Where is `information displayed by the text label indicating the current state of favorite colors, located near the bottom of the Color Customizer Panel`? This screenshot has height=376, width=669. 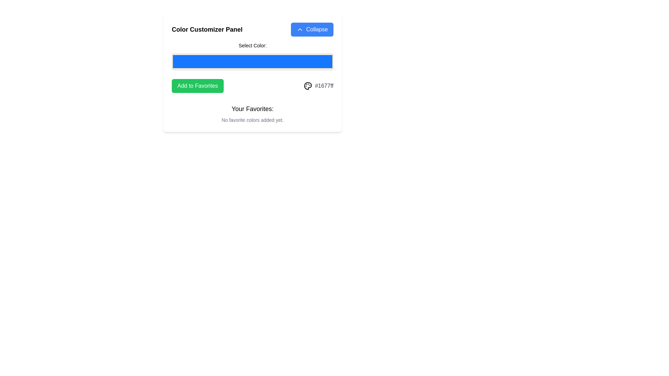 information displayed by the text label indicating the current state of favorite colors, located near the bottom of the Color Customizer Panel is located at coordinates (252, 113).